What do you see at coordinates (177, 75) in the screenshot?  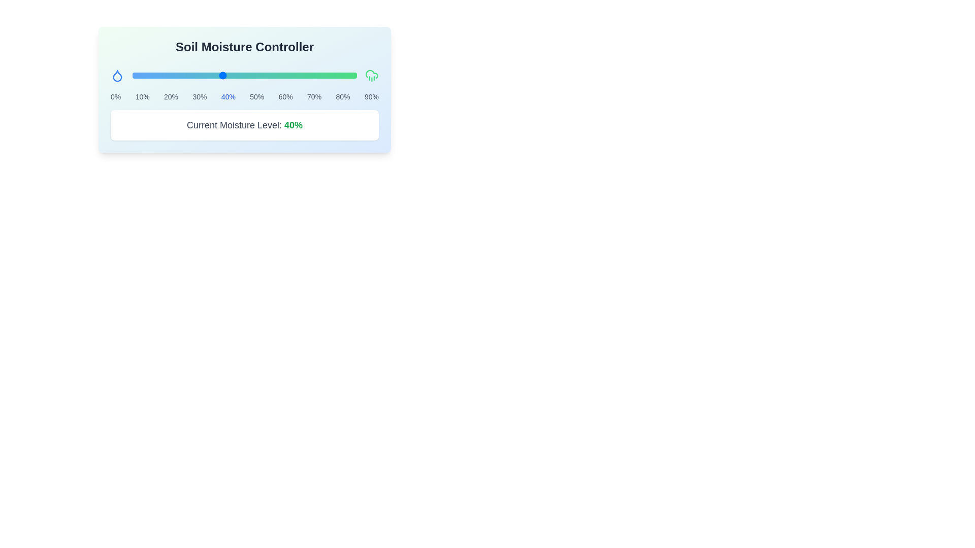 I see `the moisture level to 20% using the slider` at bounding box center [177, 75].